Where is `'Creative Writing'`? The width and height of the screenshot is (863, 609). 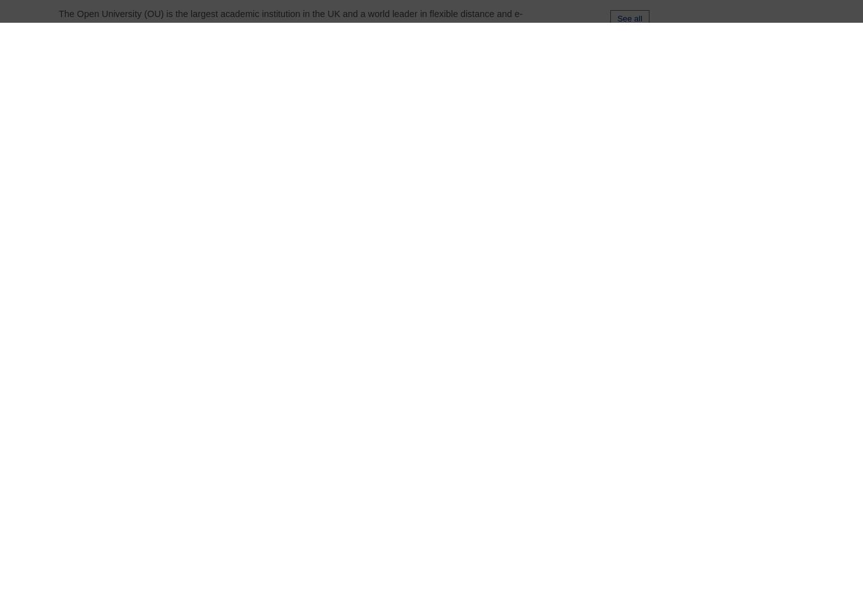
'Creative Writing' is located at coordinates (217, 420).